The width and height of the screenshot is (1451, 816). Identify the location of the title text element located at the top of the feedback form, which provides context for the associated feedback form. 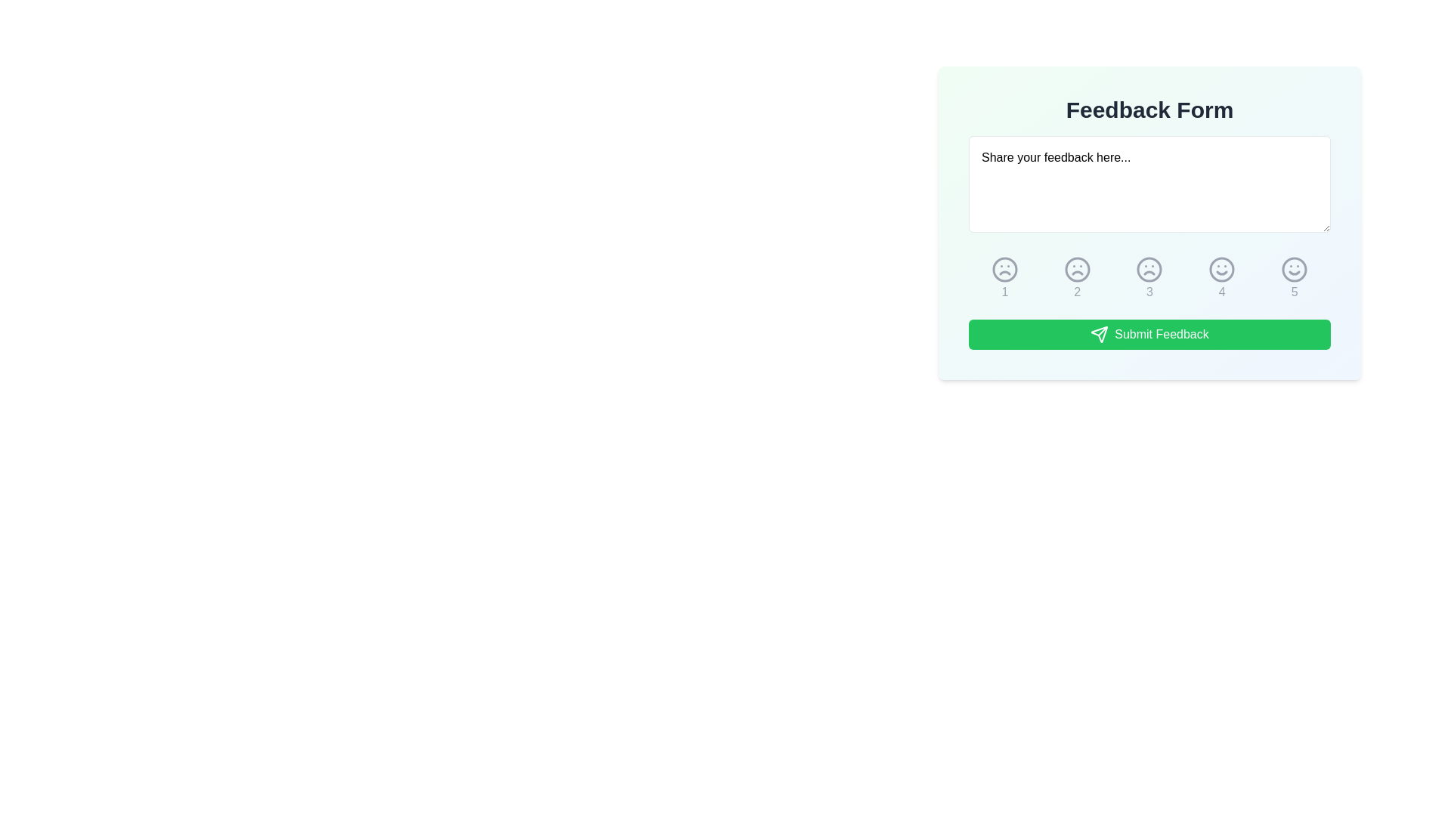
(1149, 110).